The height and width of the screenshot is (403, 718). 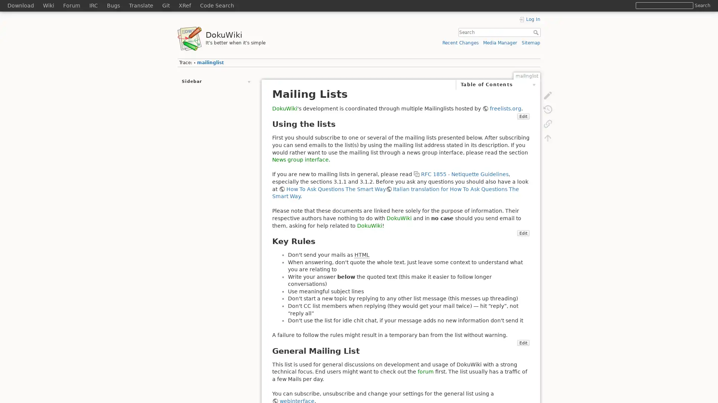 I want to click on Search, so click(x=702, y=5).